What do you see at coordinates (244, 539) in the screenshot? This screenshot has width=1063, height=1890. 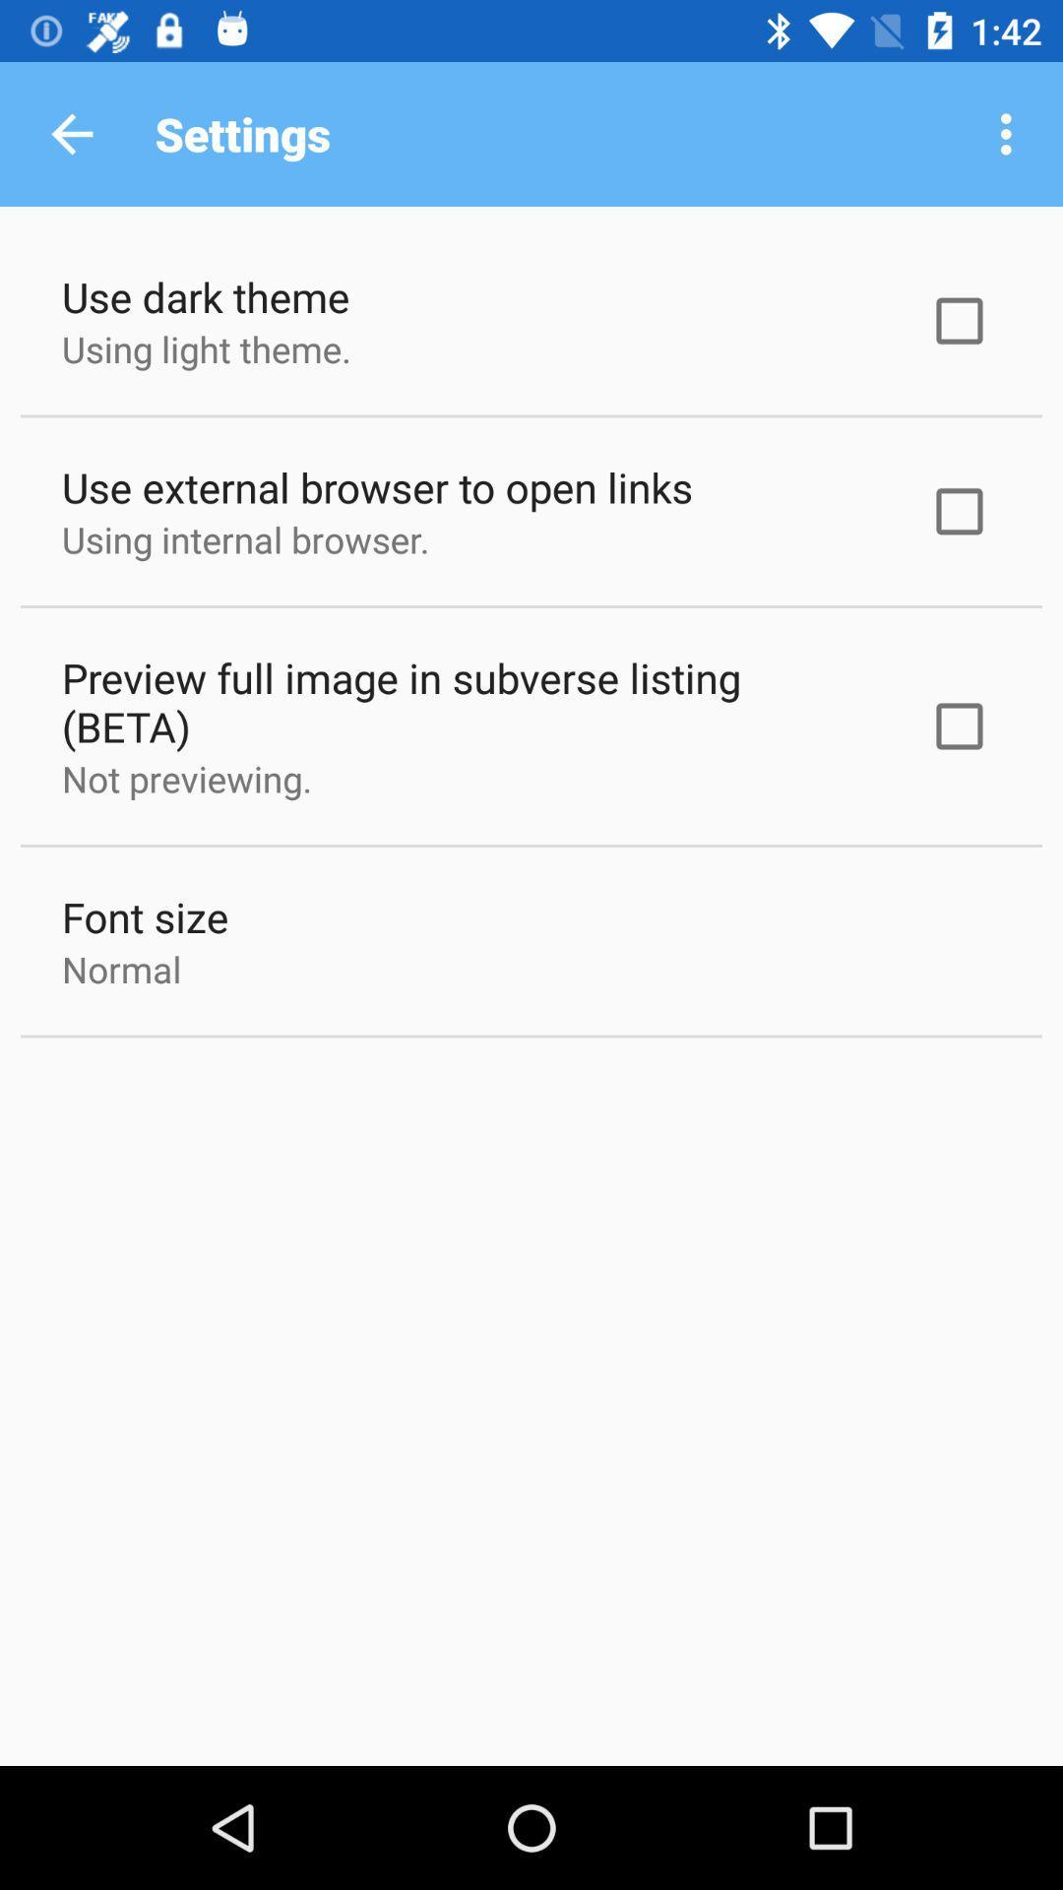 I see `using internal browser. item` at bounding box center [244, 539].